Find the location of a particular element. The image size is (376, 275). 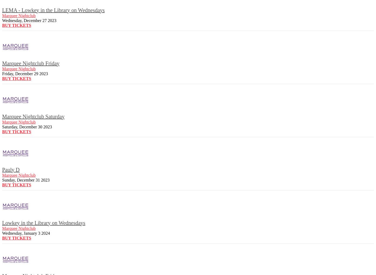

'Pauly D' is located at coordinates (11, 169).